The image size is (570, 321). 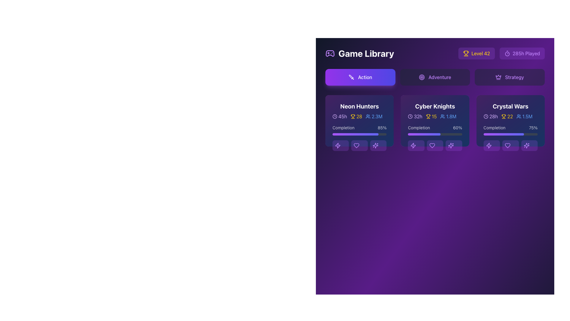 What do you see at coordinates (498, 77) in the screenshot?
I see `the crown icon with a thin outline and purple fill, located in the top-right section under the 'Strategy' button group` at bounding box center [498, 77].